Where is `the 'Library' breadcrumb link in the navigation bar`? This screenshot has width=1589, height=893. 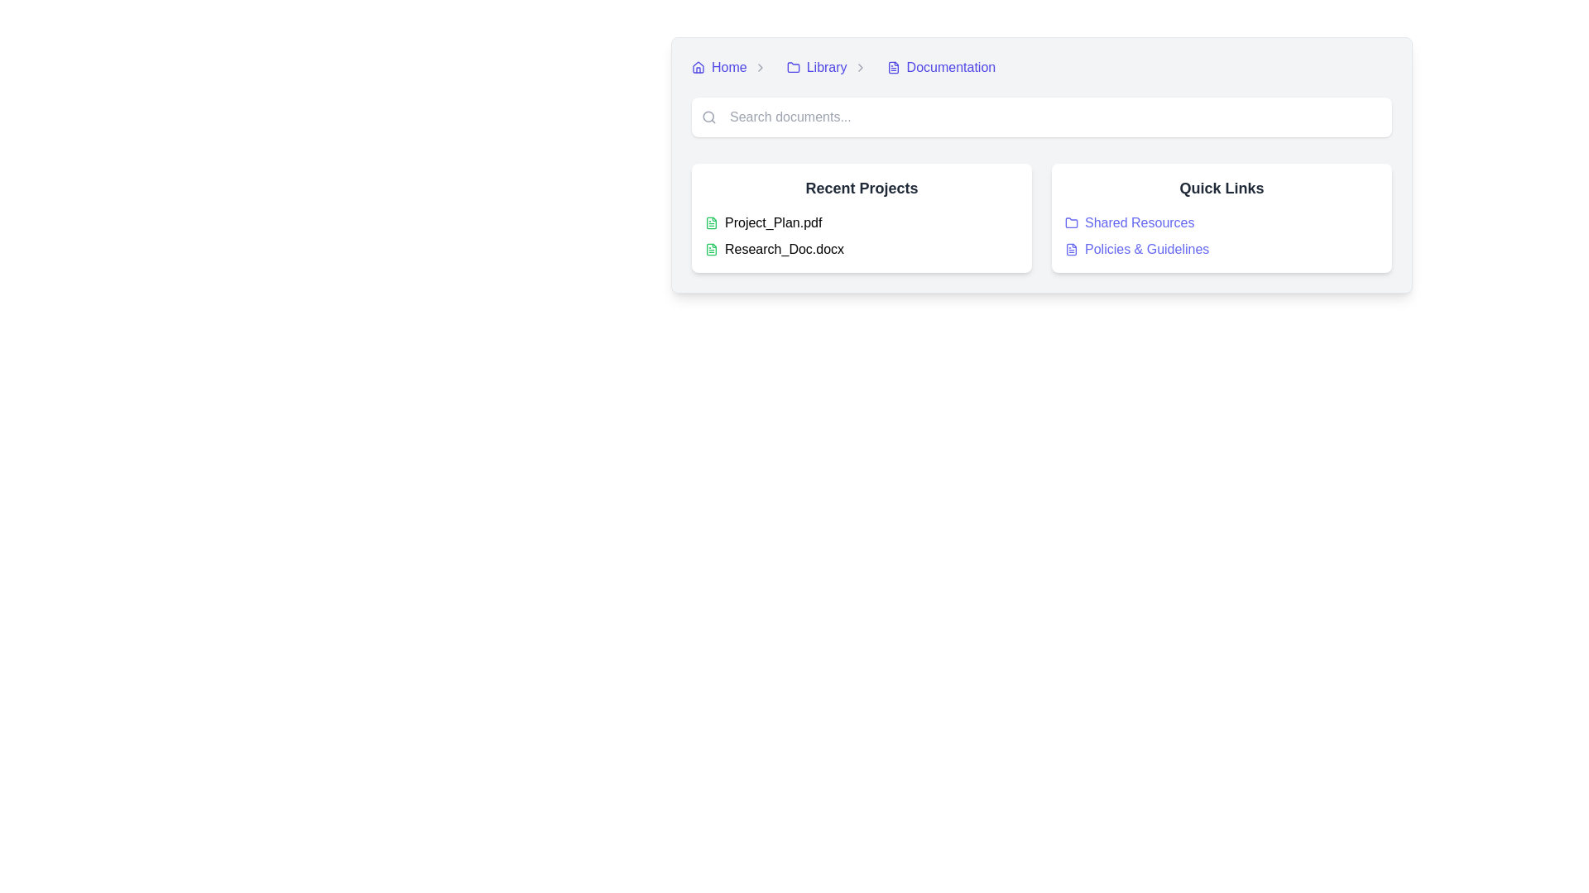 the 'Library' breadcrumb link in the navigation bar is located at coordinates (830, 66).